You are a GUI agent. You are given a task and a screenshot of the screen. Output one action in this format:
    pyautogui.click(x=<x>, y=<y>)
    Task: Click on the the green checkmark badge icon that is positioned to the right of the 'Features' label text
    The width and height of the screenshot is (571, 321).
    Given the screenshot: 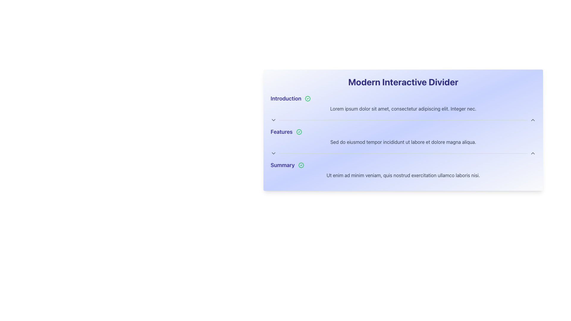 What is the action you would take?
    pyautogui.click(x=299, y=131)
    